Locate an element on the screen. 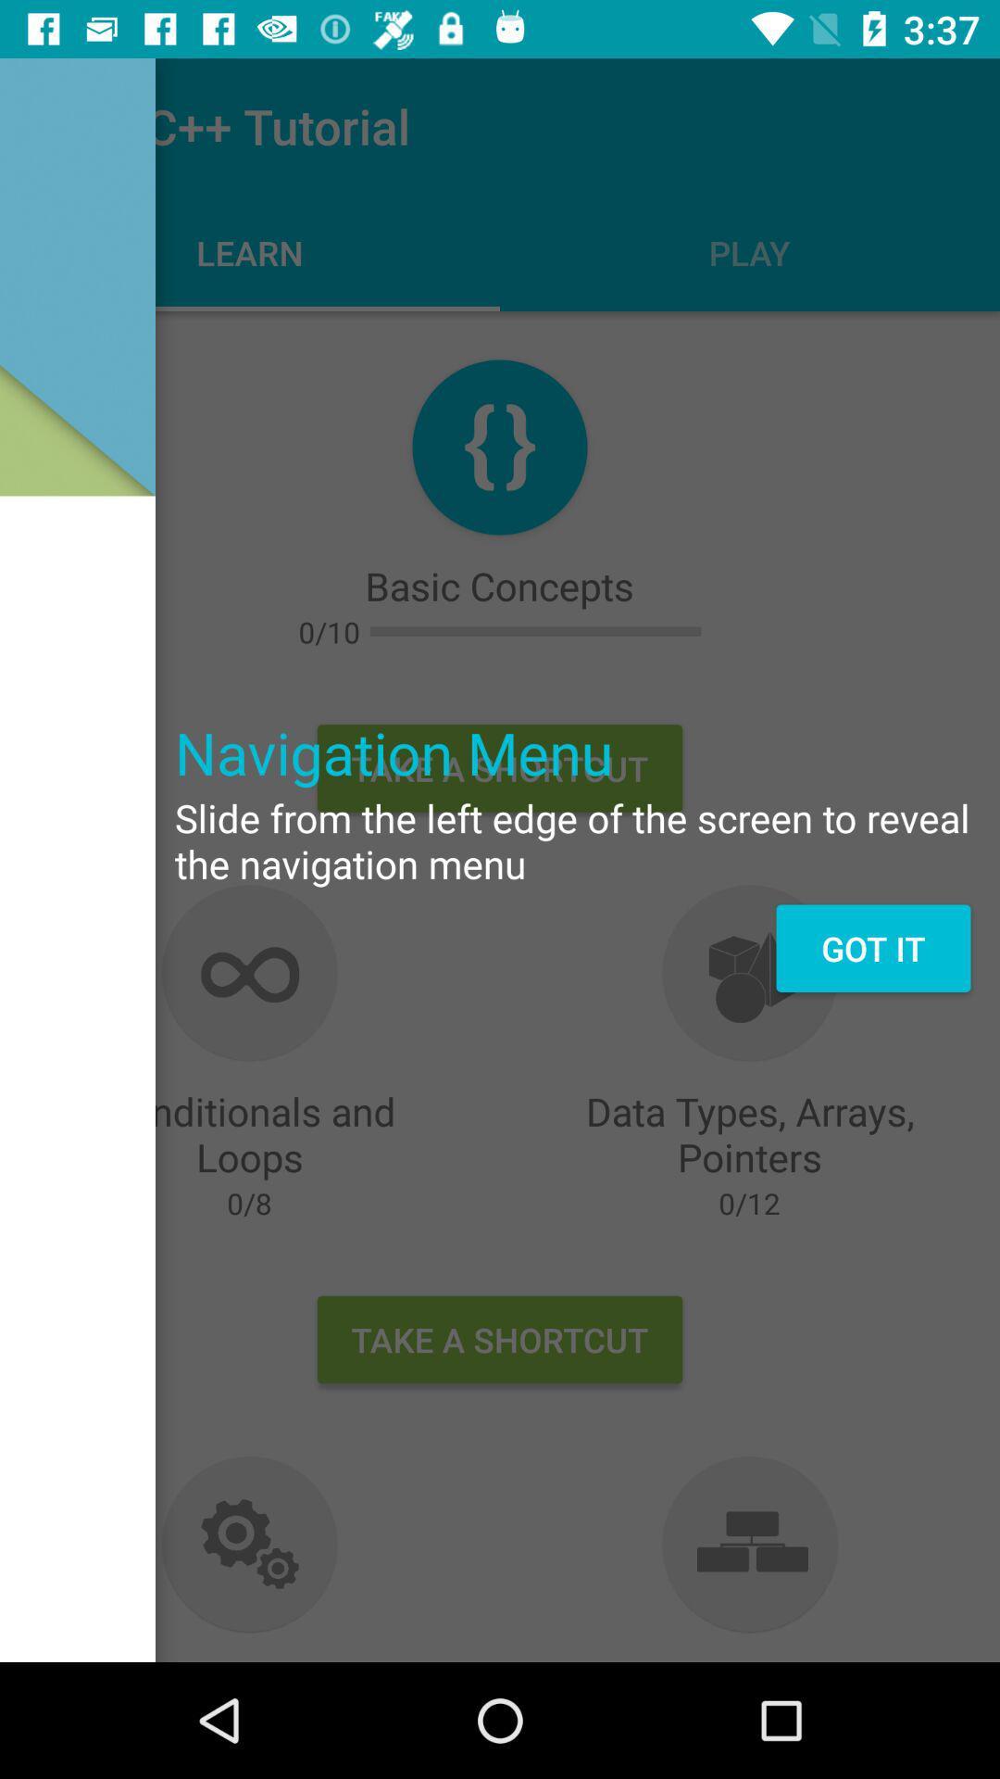 This screenshot has width=1000, height=1779. item below the slide from the is located at coordinates (873, 948).